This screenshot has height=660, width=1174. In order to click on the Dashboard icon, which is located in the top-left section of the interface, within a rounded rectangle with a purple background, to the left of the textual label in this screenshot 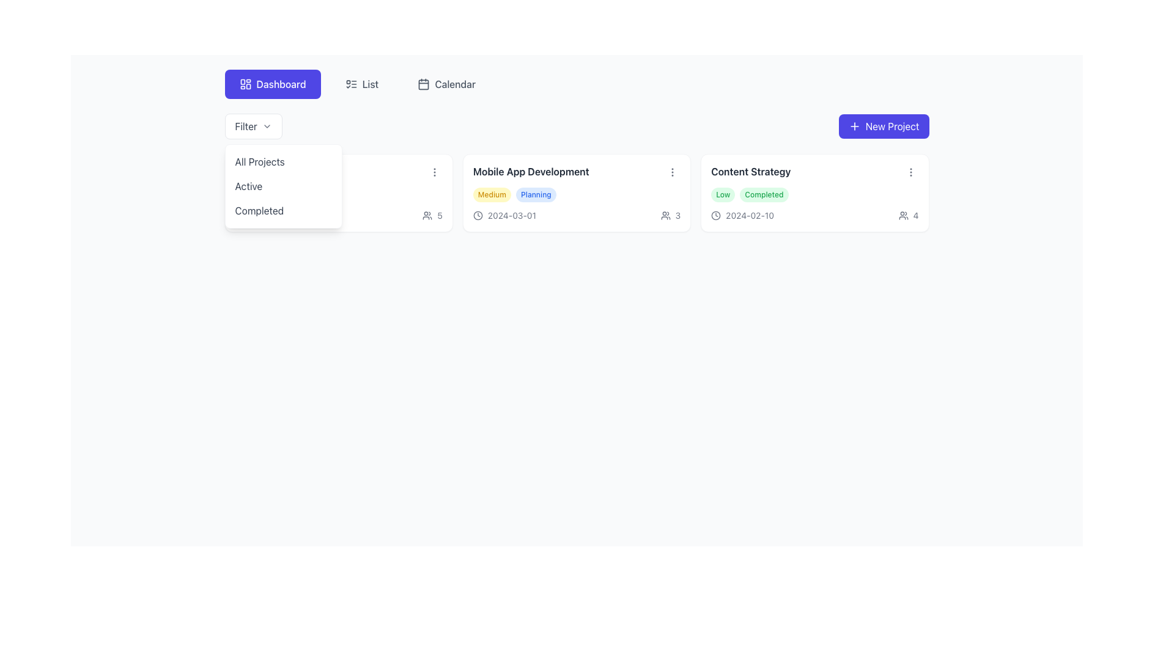, I will do `click(245, 84)`.